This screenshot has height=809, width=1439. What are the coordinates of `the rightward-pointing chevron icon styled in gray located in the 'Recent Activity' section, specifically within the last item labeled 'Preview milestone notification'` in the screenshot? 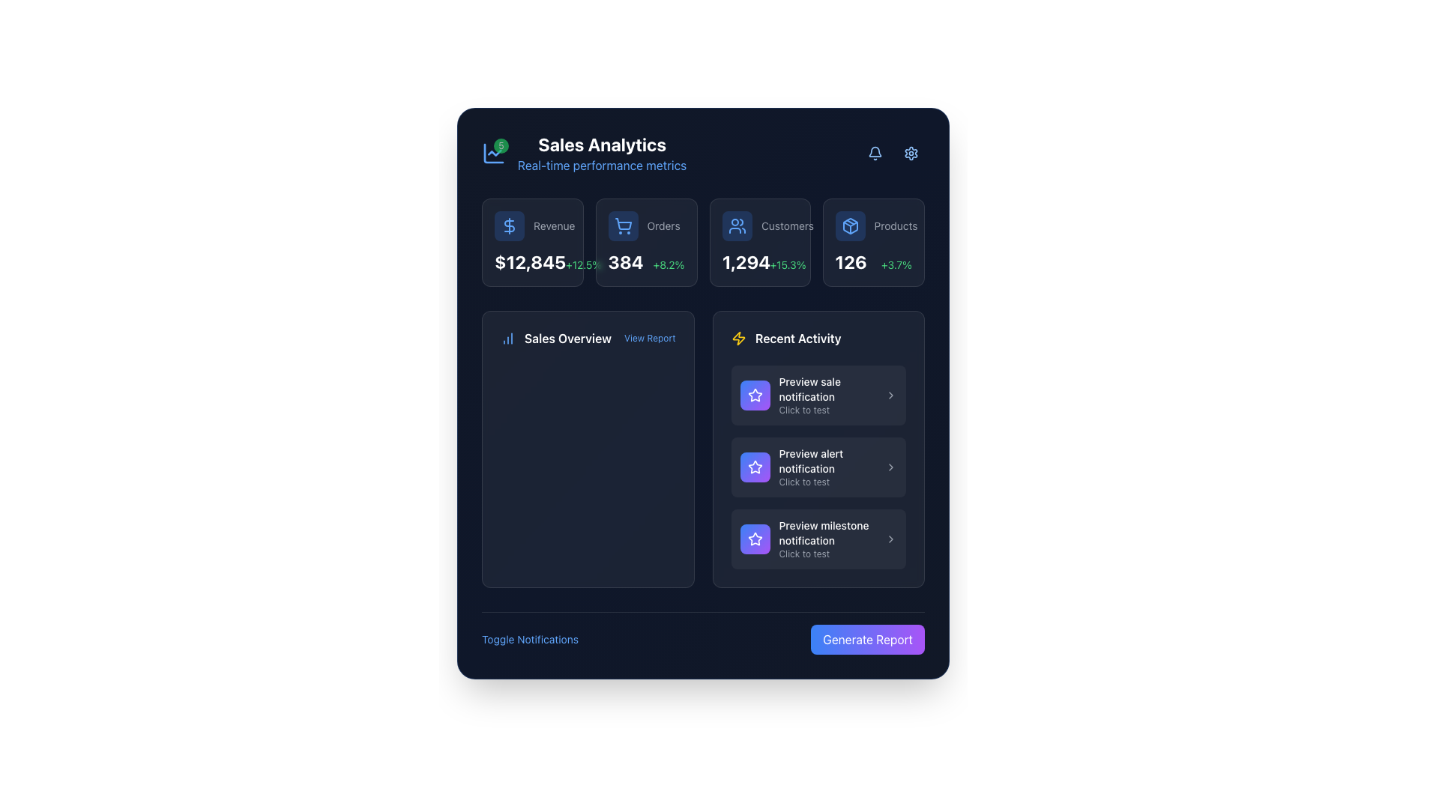 It's located at (891, 539).